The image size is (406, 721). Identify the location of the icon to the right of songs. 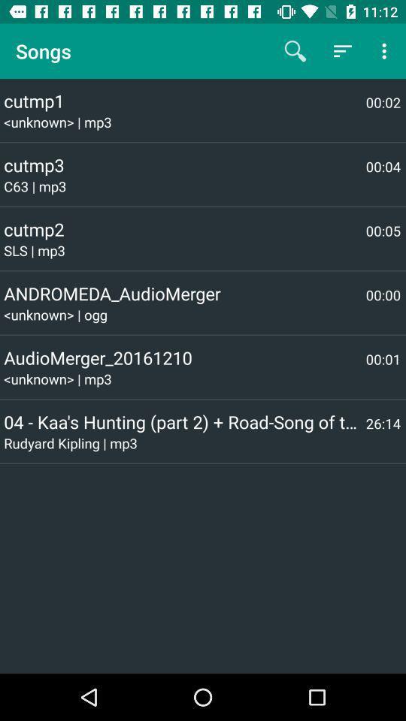
(295, 51).